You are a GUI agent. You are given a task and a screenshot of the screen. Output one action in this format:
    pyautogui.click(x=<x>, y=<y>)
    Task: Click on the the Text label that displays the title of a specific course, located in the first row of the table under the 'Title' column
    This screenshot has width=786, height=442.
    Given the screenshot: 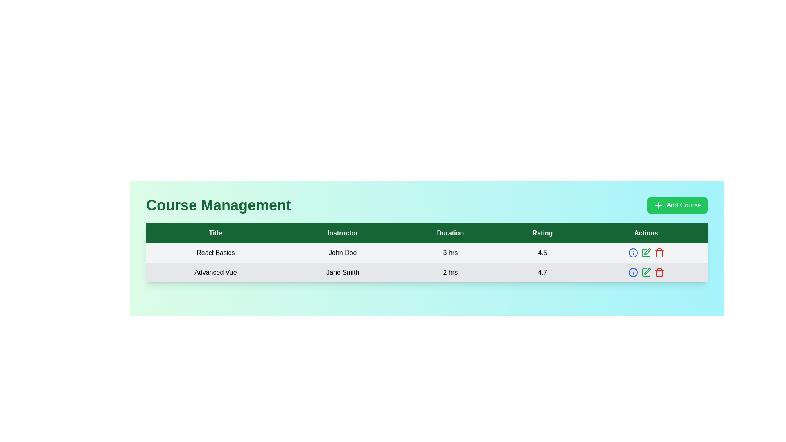 What is the action you would take?
    pyautogui.click(x=215, y=252)
    